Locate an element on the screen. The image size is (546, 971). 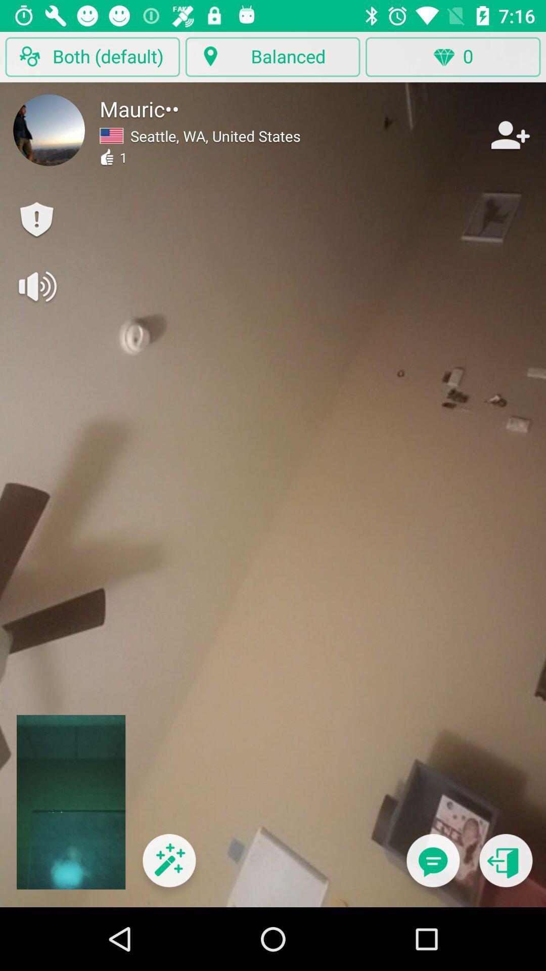
apply filters is located at coordinates (168, 866).